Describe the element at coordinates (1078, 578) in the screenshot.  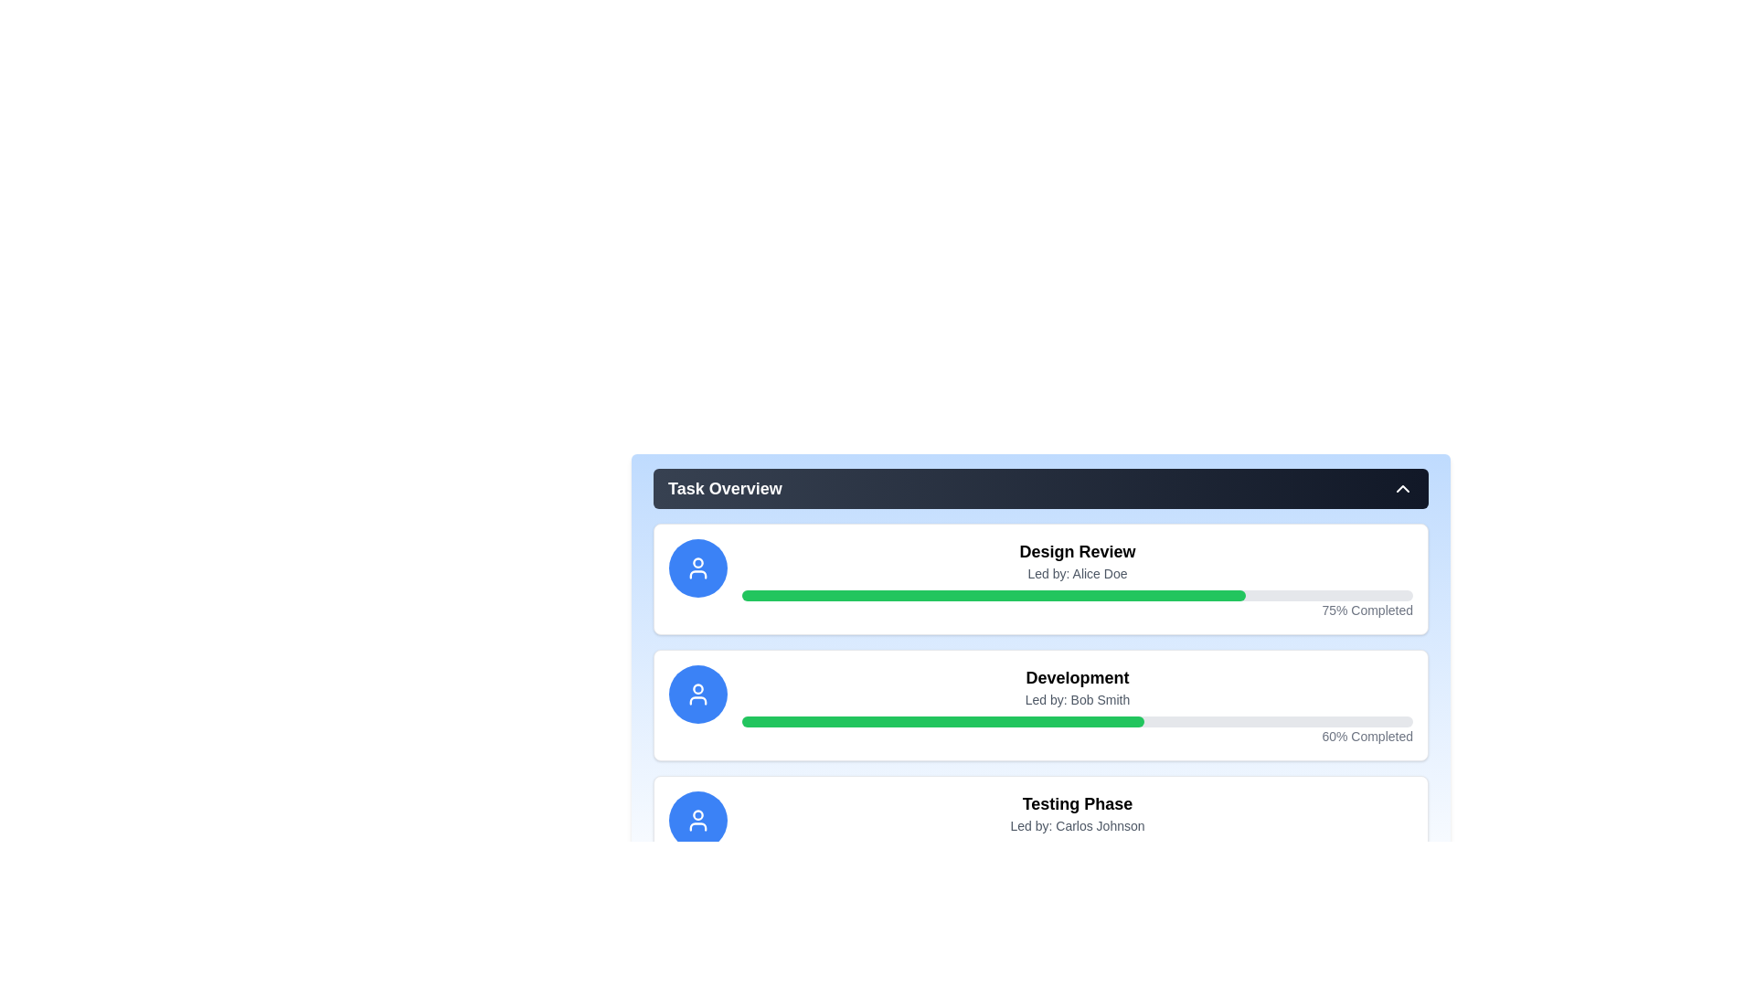
I see `the Task progress component in the 'Design Review' section` at that location.